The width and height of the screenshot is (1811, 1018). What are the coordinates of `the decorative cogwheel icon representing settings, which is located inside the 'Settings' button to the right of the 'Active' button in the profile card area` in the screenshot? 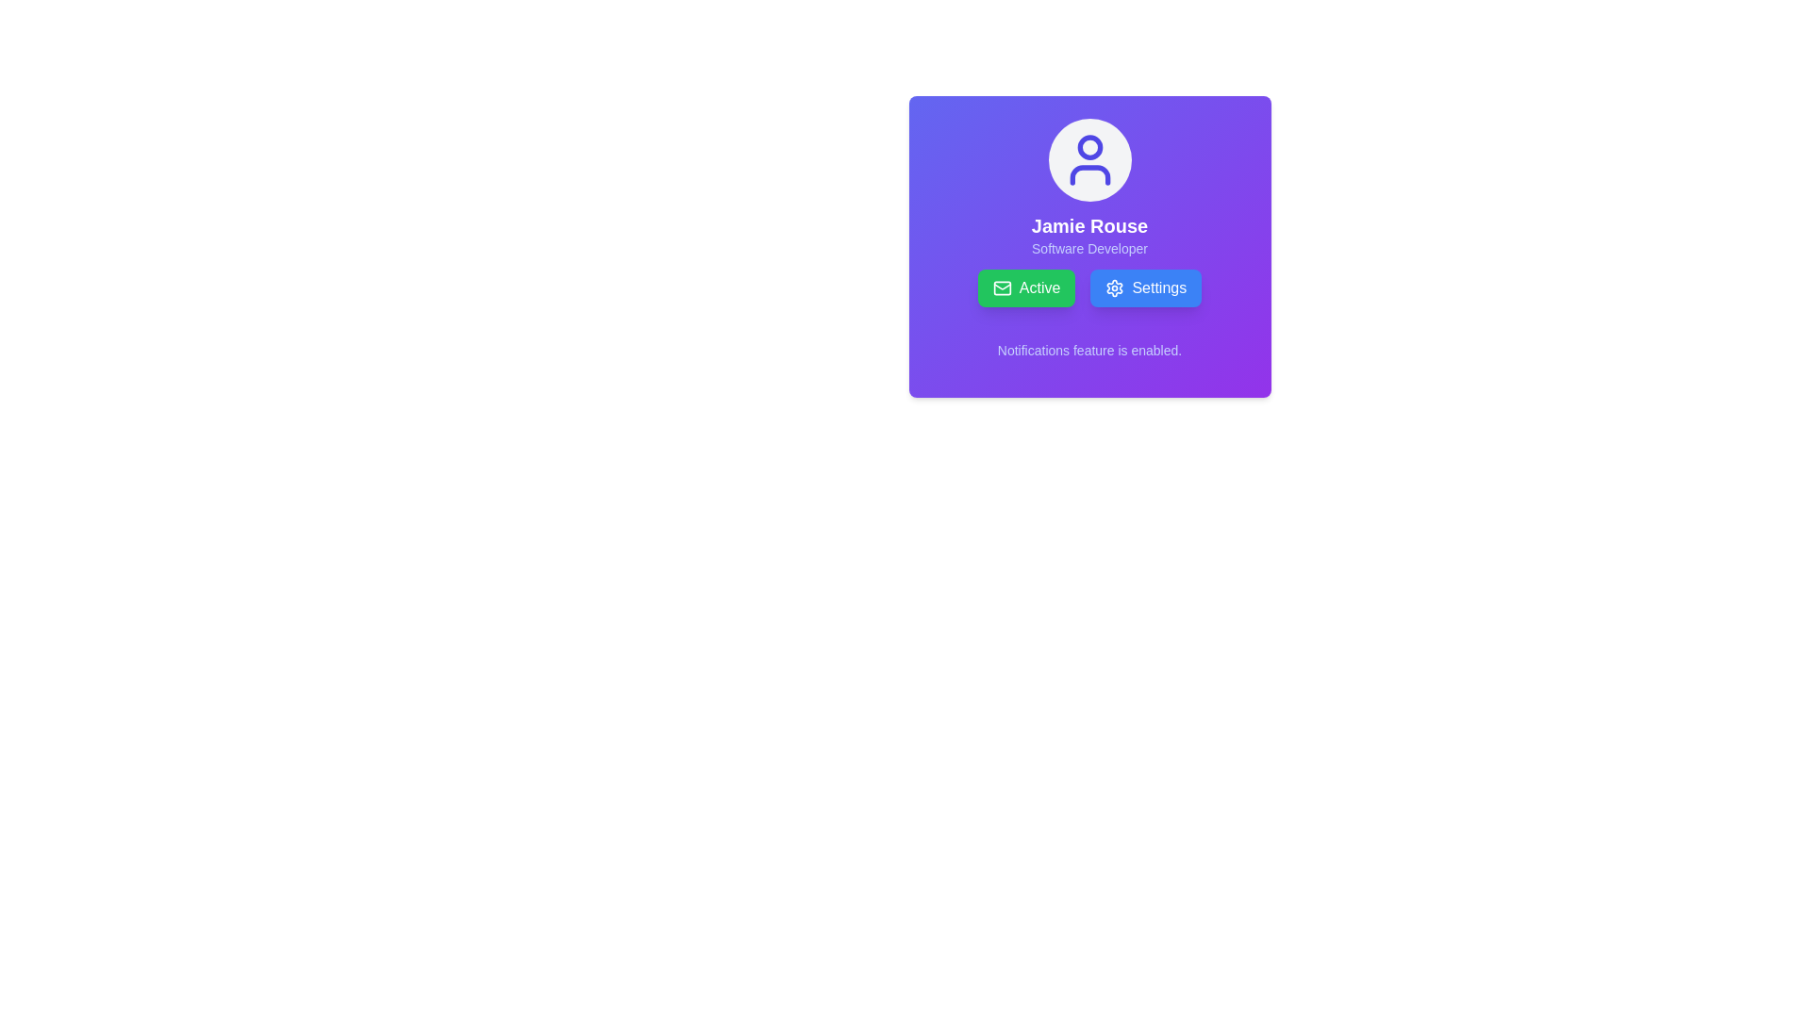 It's located at (1115, 287).